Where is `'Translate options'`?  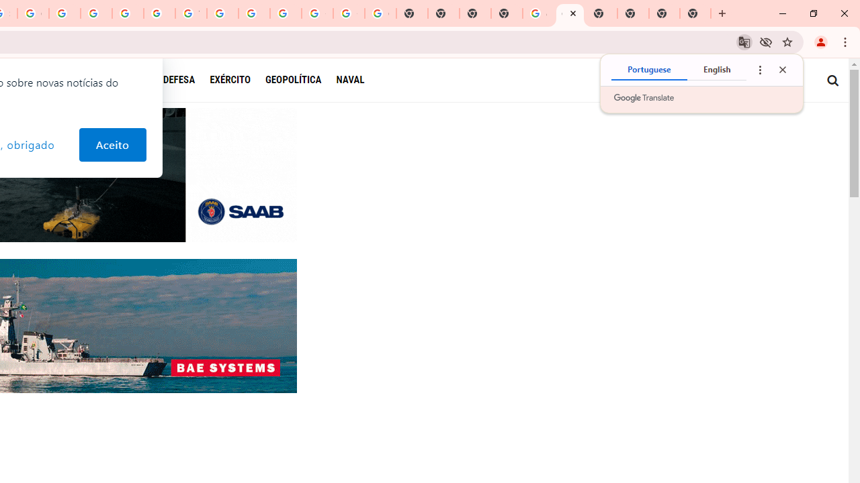 'Translate options' is located at coordinates (759, 70).